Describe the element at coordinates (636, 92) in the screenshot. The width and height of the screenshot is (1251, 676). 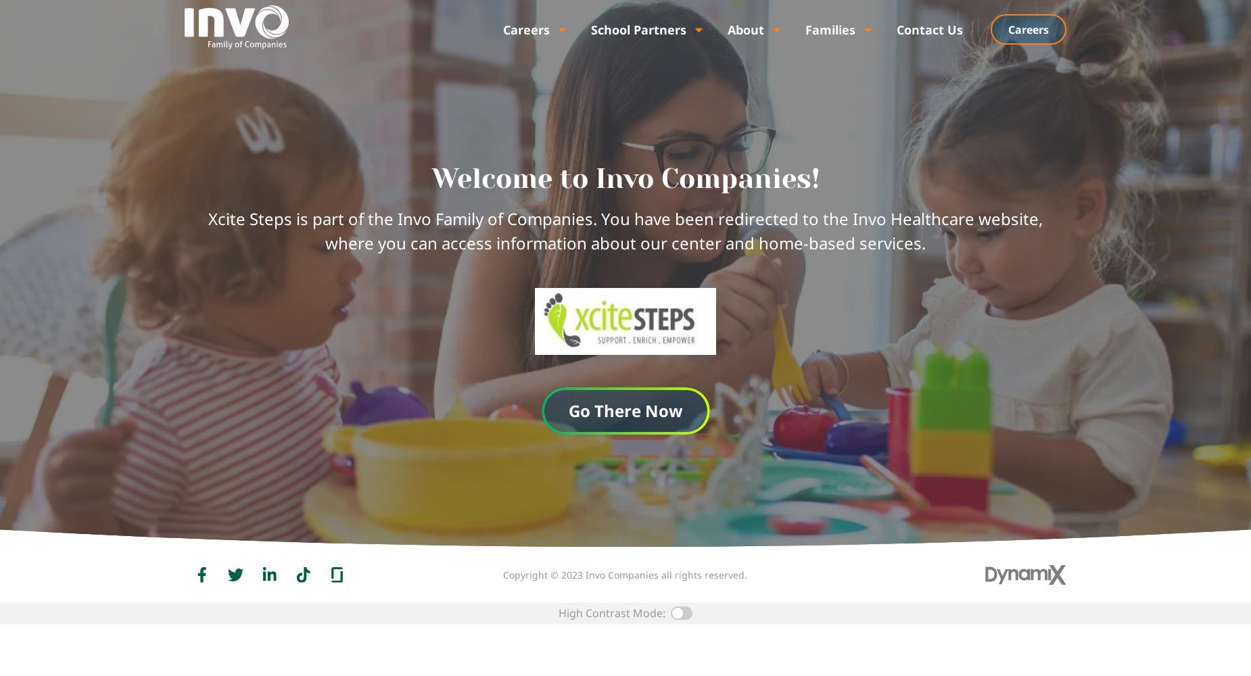
I see `'Related Services'` at that location.